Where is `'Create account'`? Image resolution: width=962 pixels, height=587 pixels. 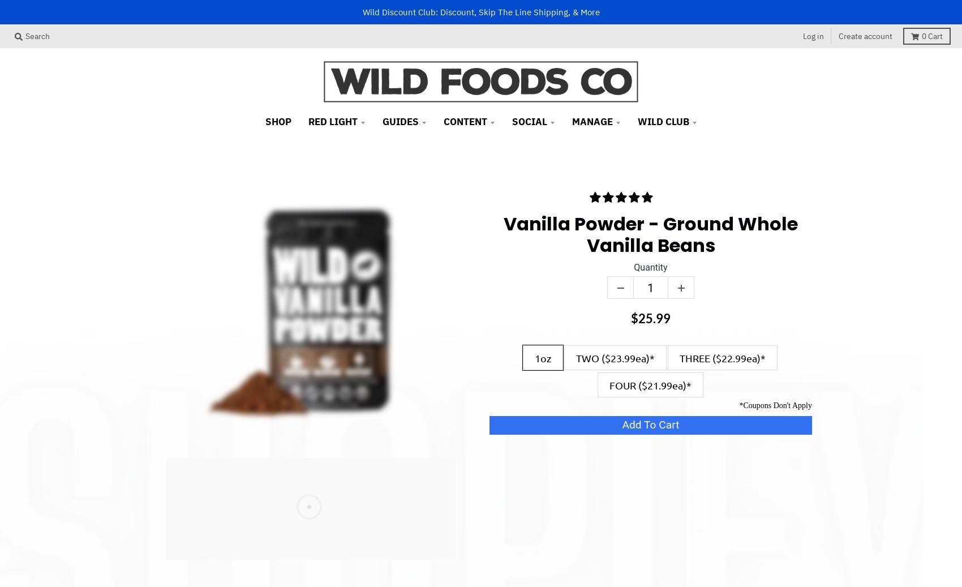
'Create account' is located at coordinates (865, 35).